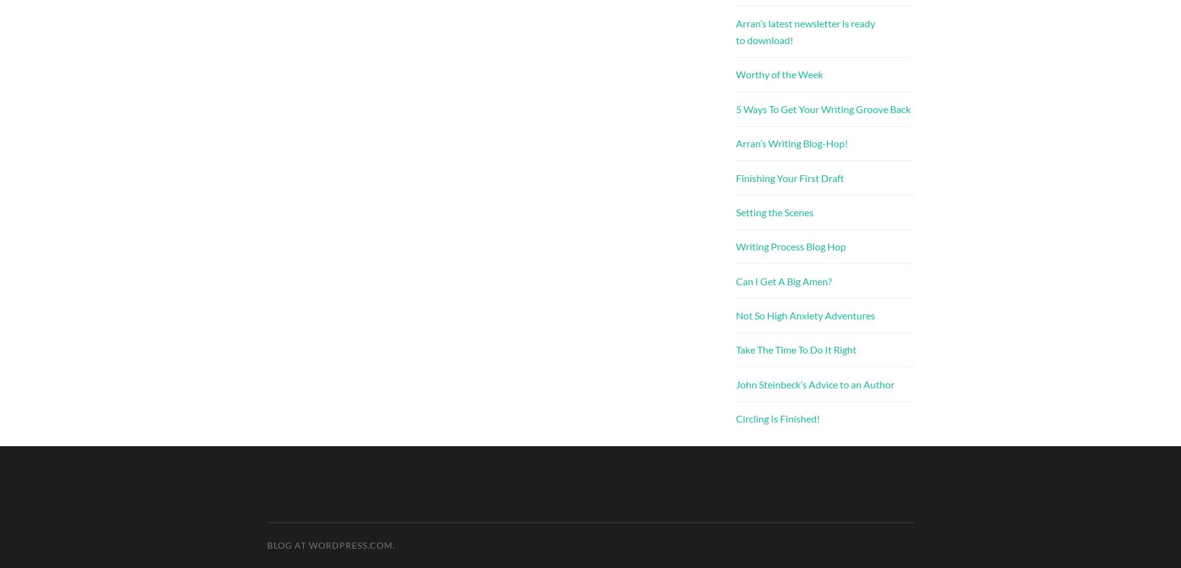 The image size is (1181, 568). Describe the element at coordinates (736, 349) in the screenshot. I see `'Take The Time To Do It Right'` at that location.